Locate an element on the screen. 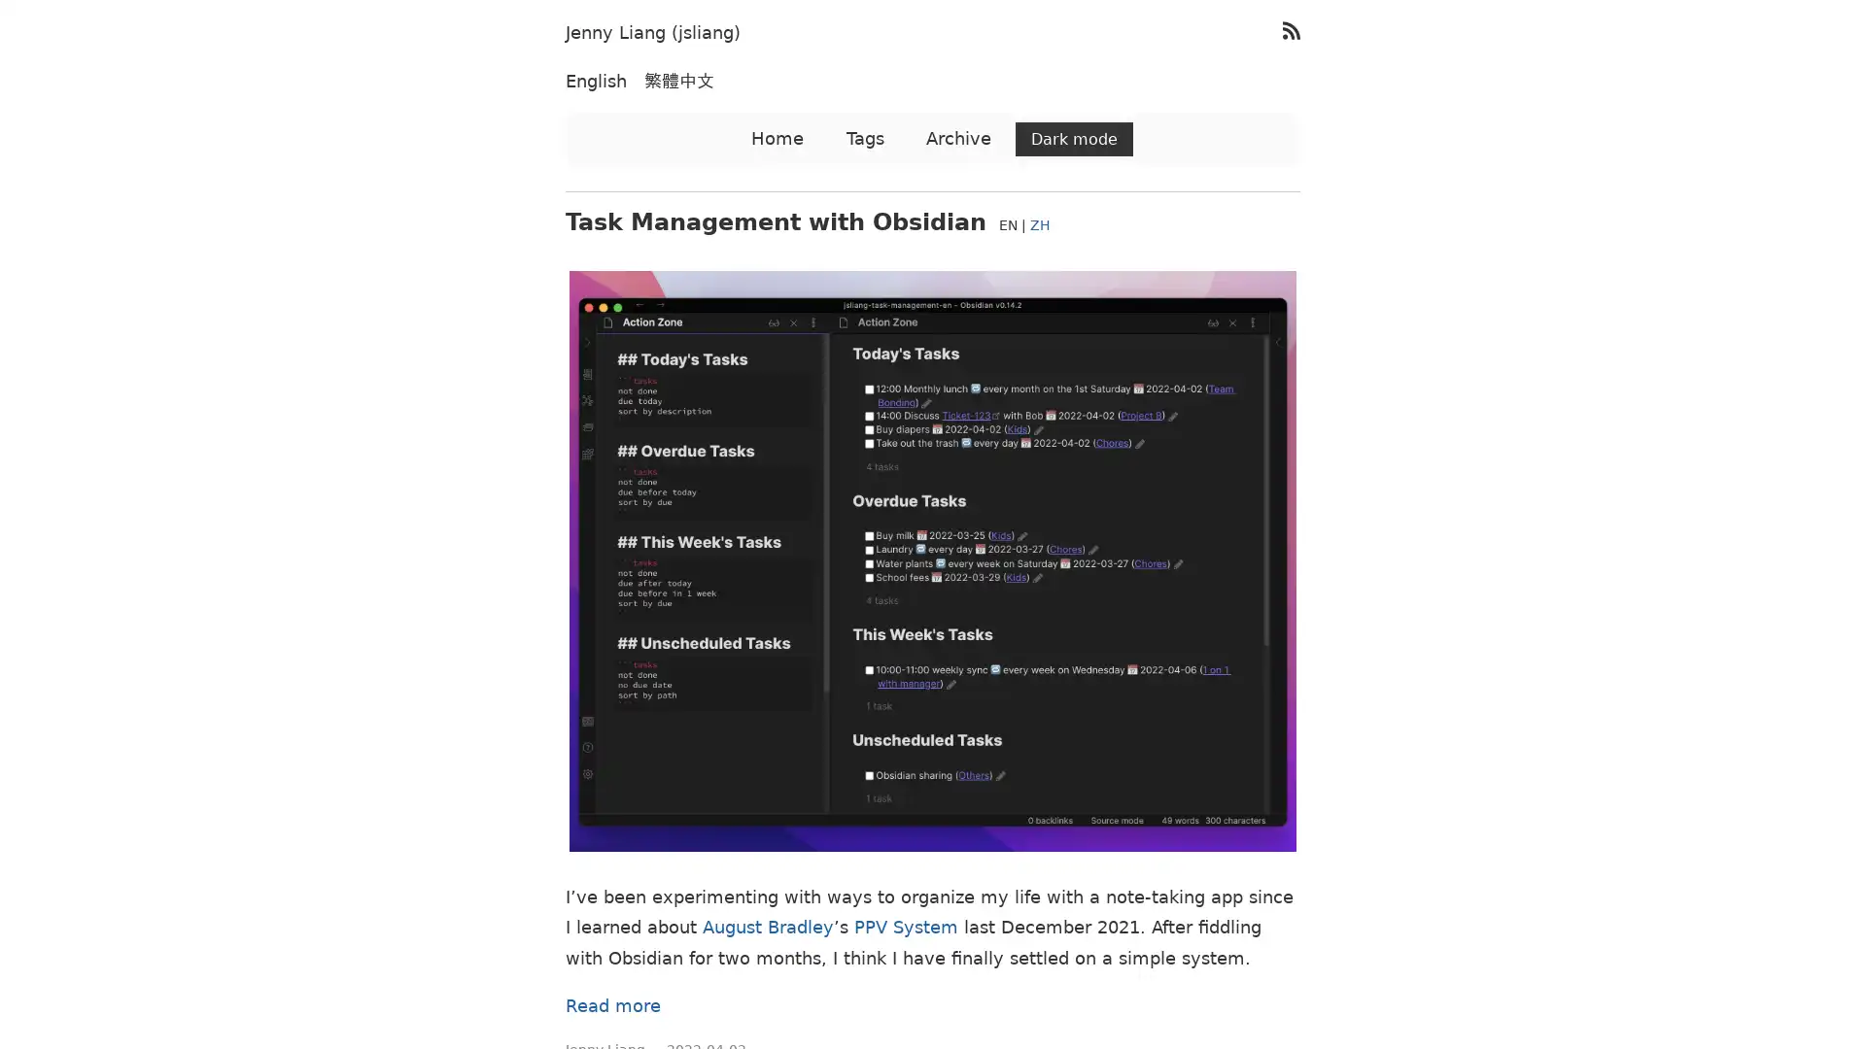 The image size is (1866, 1049). Dark mode is located at coordinates (1073, 138).